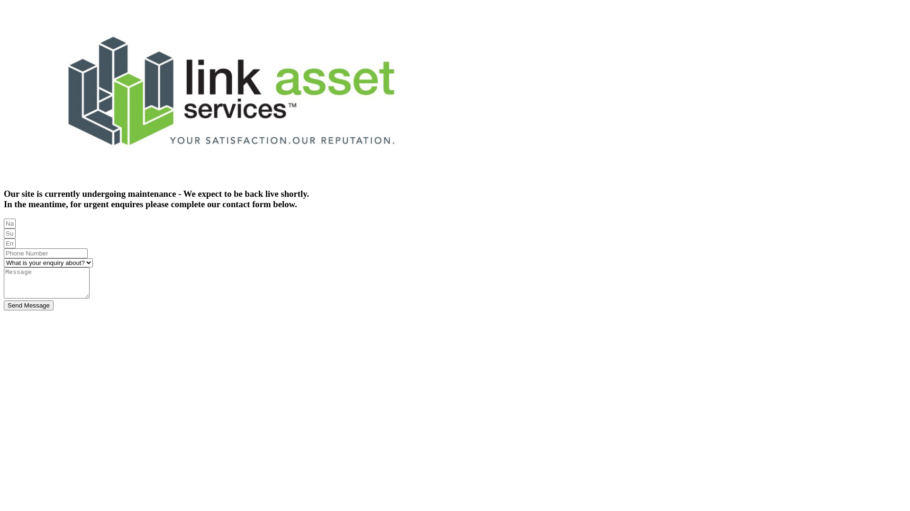  I want to click on 'Send Message', so click(28, 305).